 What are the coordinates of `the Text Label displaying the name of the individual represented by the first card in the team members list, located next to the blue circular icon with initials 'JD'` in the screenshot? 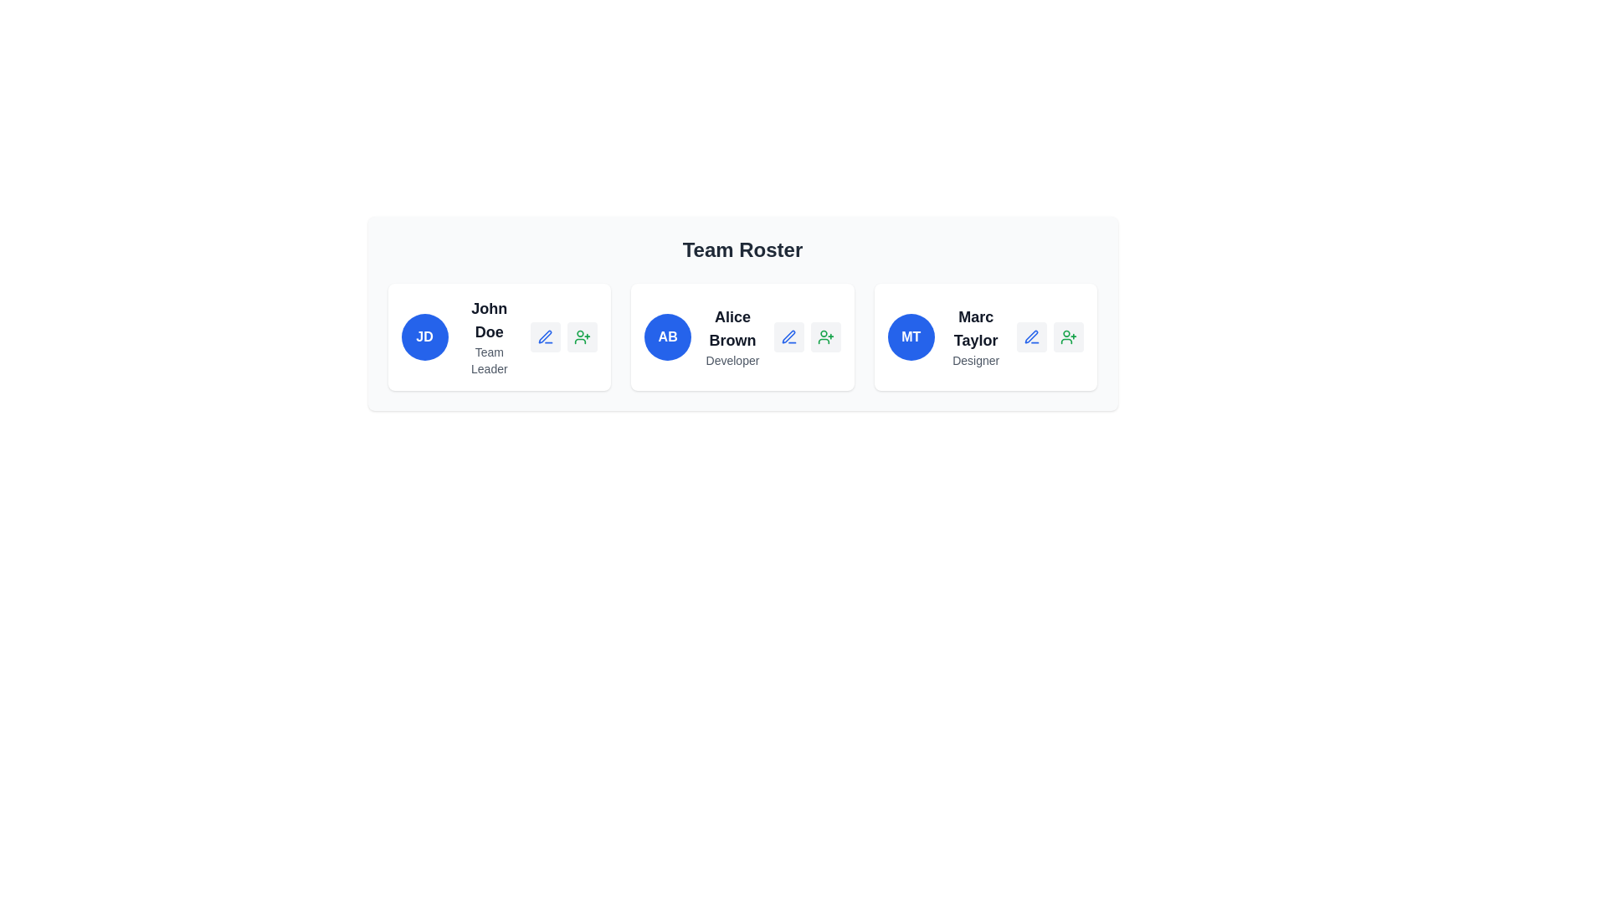 It's located at (488, 320).